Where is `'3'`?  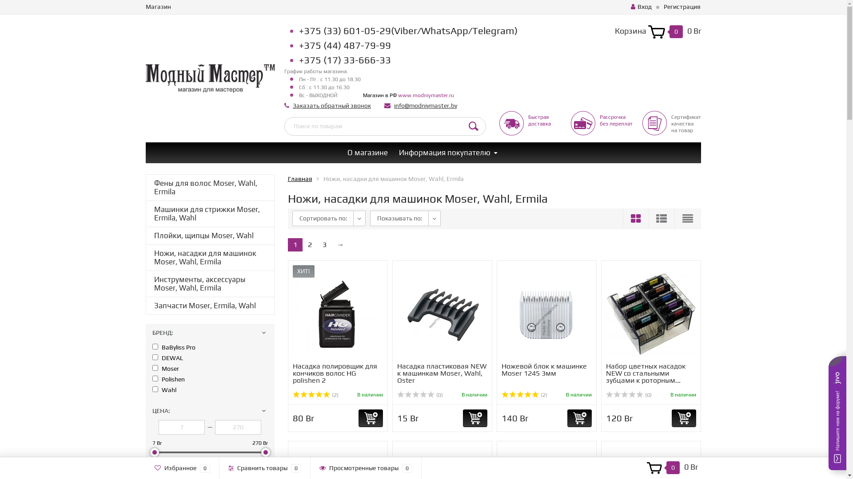 '3' is located at coordinates (324, 244).